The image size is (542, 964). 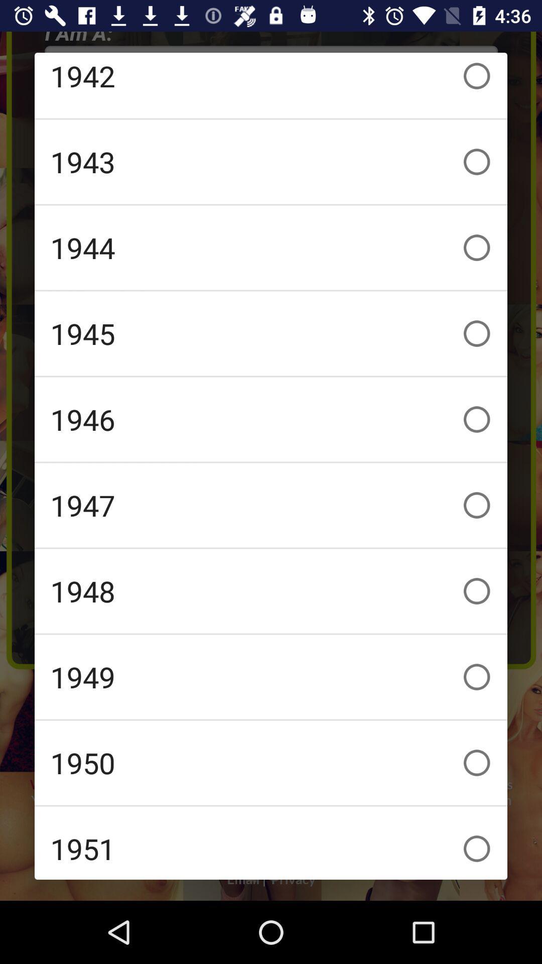 What do you see at coordinates (271, 85) in the screenshot?
I see `icon above 1943` at bounding box center [271, 85].